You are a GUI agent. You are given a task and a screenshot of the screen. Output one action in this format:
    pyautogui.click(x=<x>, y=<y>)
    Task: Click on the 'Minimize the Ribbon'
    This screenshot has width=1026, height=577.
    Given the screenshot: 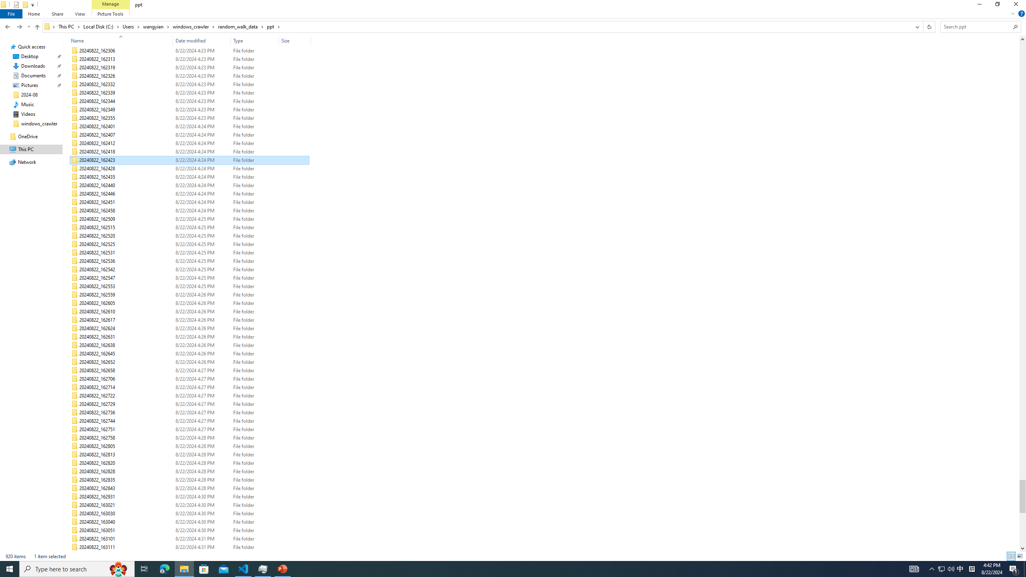 What is the action you would take?
    pyautogui.click(x=1012, y=13)
    